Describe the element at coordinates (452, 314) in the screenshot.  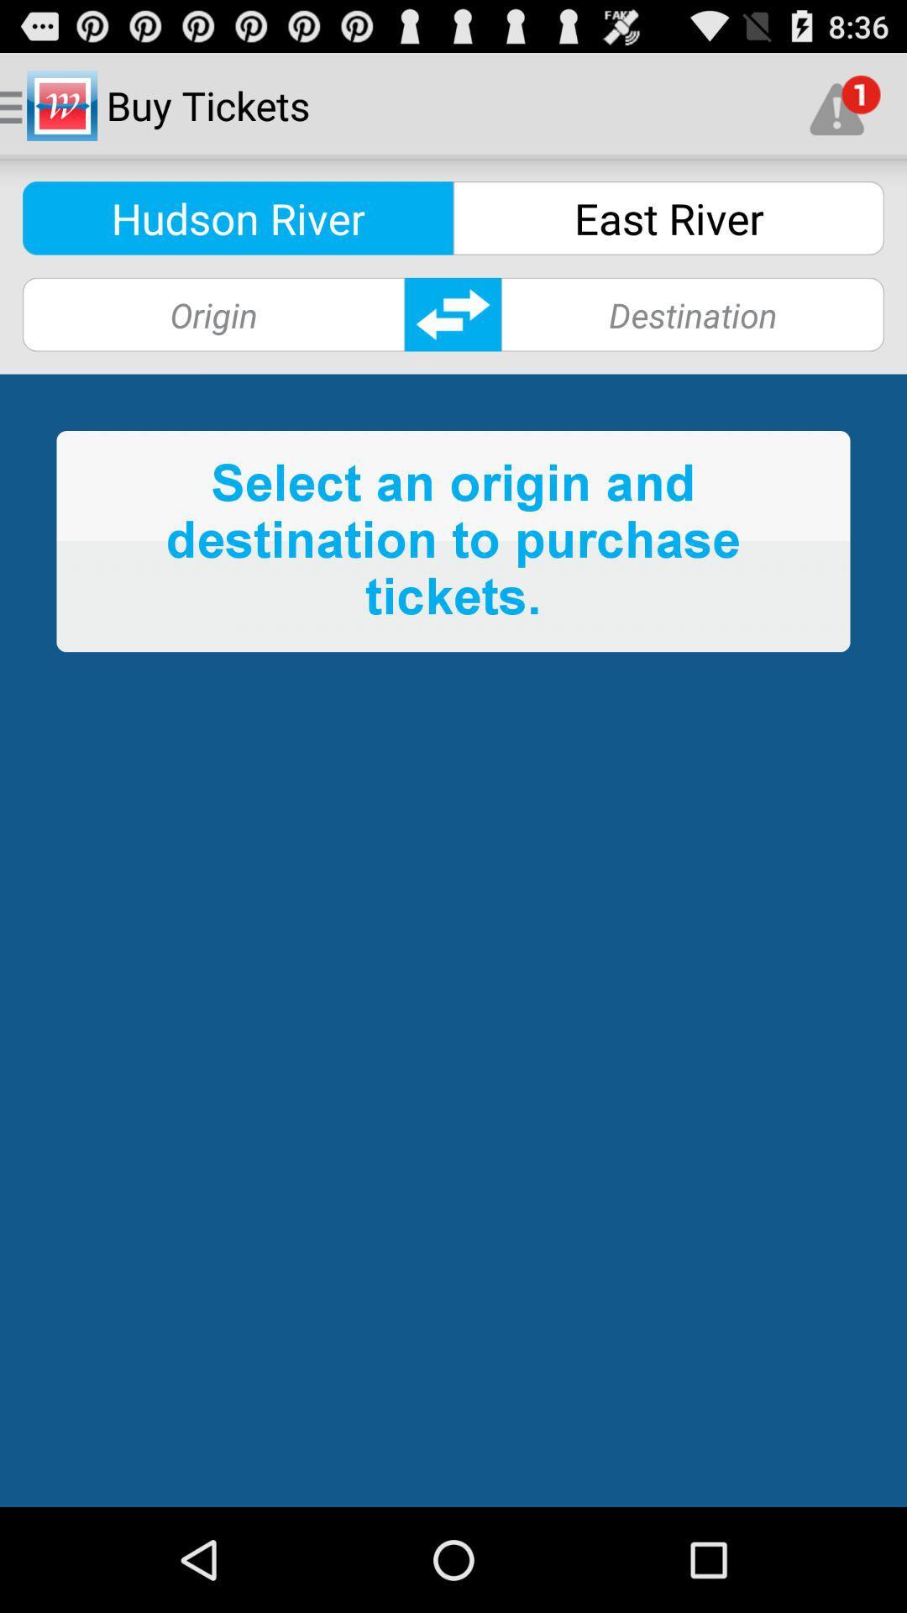
I see `destination information` at that location.